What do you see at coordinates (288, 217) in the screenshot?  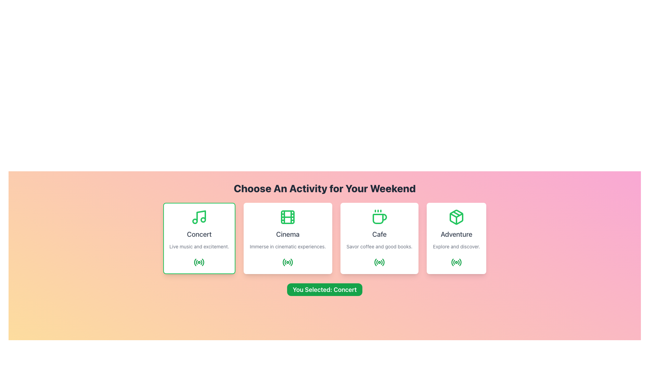 I see `the decorative visual indicator icon located at the top of the 'Cinema' card` at bounding box center [288, 217].